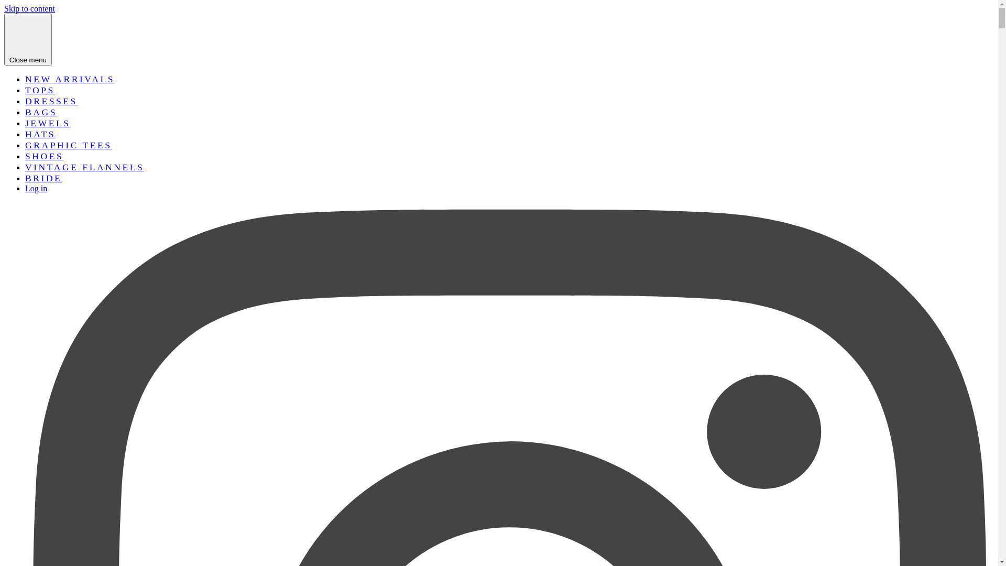 Image resolution: width=1006 pixels, height=566 pixels. I want to click on 'Log in', so click(36, 188).